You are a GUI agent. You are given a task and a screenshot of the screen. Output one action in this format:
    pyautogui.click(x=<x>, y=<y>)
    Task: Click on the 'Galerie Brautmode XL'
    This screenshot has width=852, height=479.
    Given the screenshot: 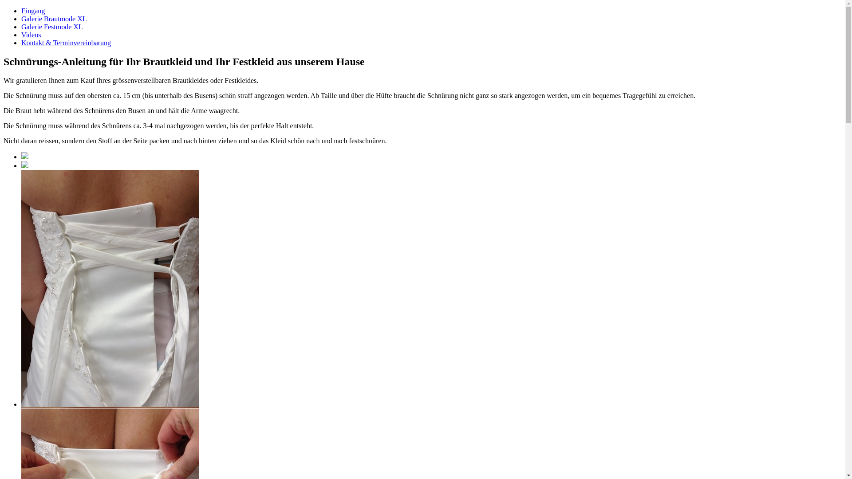 What is the action you would take?
    pyautogui.click(x=53, y=19)
    